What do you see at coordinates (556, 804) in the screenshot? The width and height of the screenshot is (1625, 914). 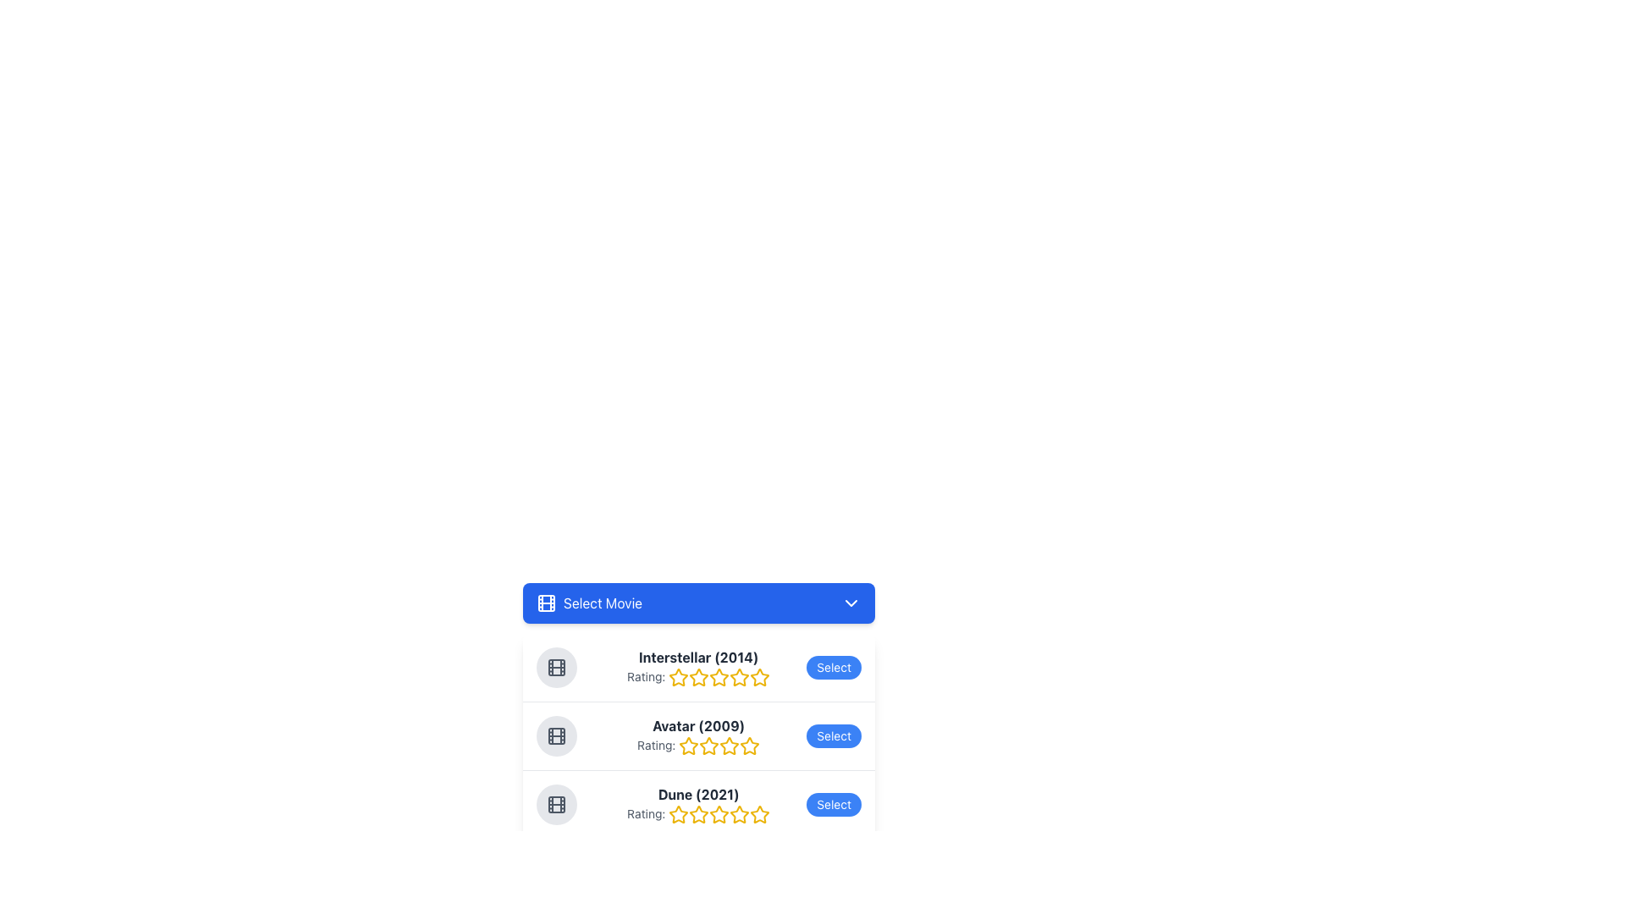 I see `the visual component of the movie list represented by the film reel icon located in the bottom-most section of the 'Select Movie' dropdown` at bounding box center [556, 804].